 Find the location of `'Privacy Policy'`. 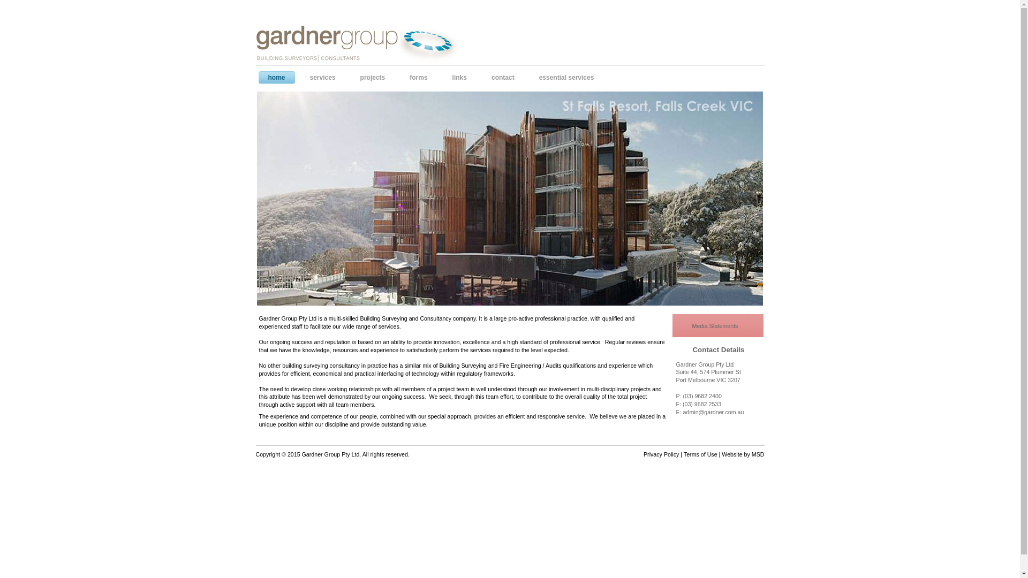

'Privacy Policy' is located at coordinates (642, 454).